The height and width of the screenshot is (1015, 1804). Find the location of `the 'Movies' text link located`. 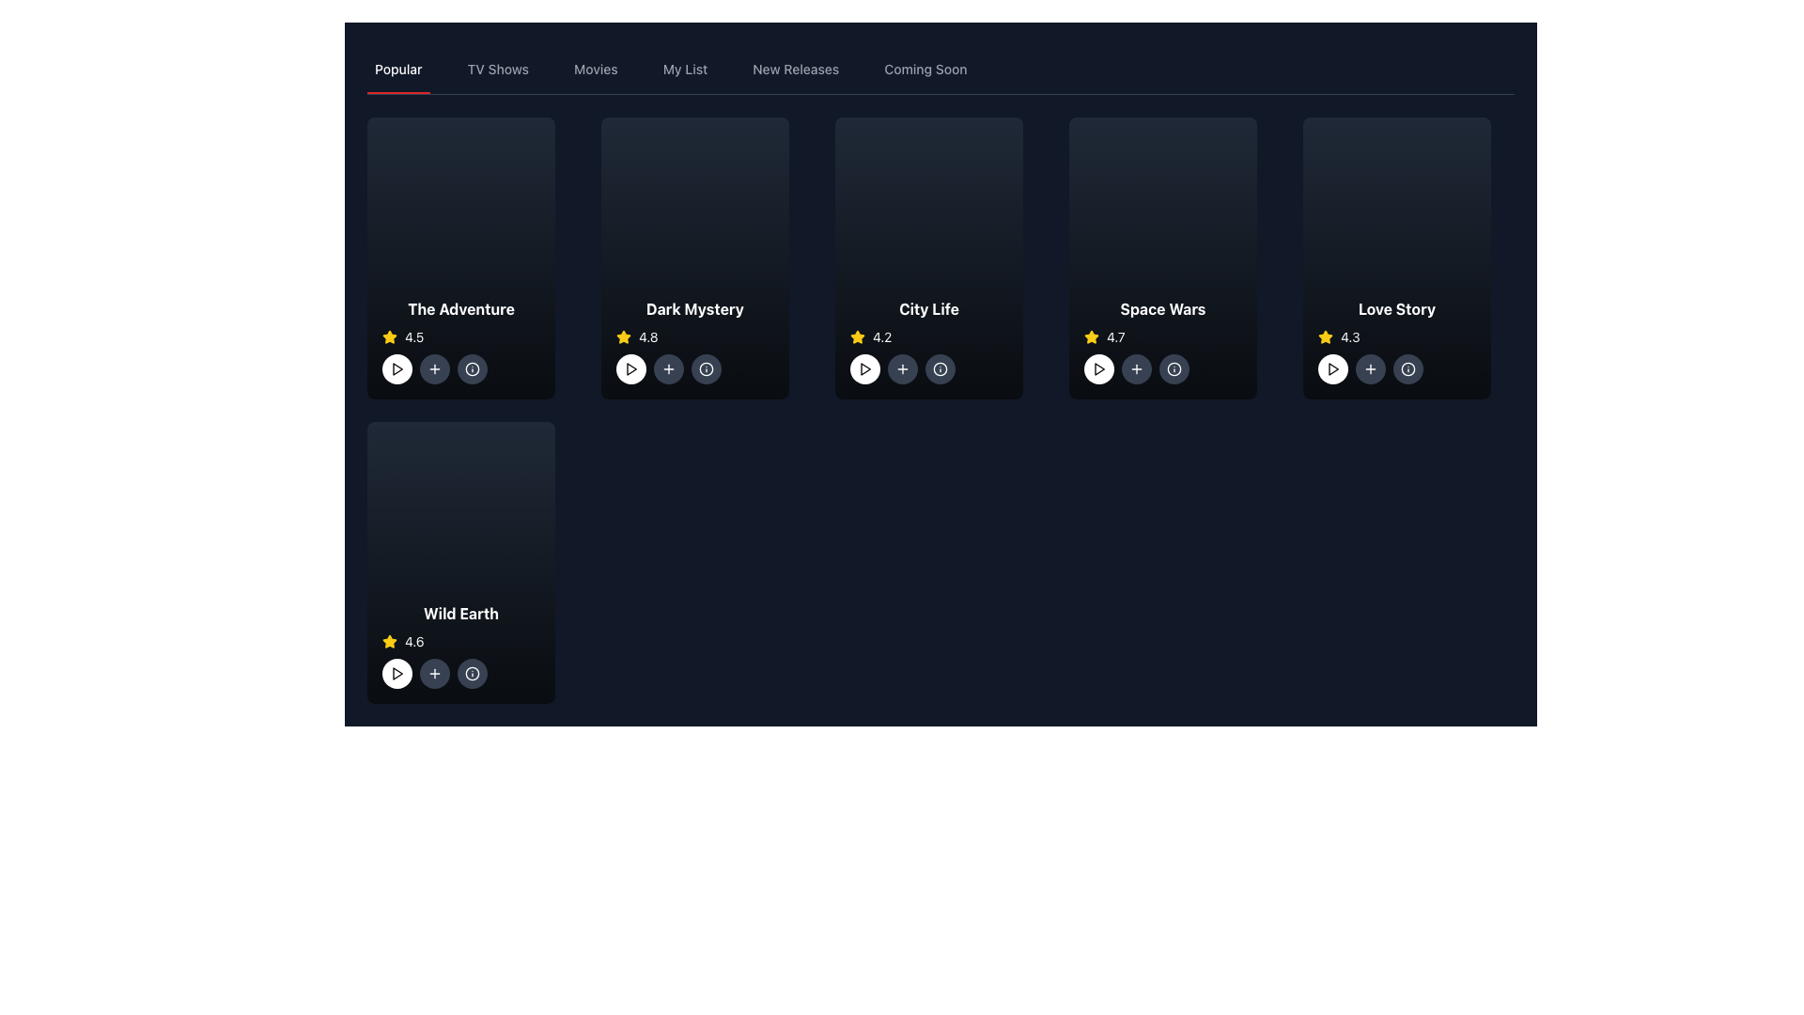

the 'Movies' text link located is located at coordinates (595, 68).